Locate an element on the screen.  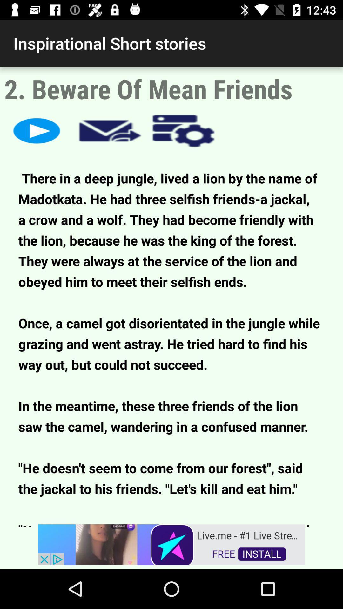
open advertisement is located at coordinates (171, 544).